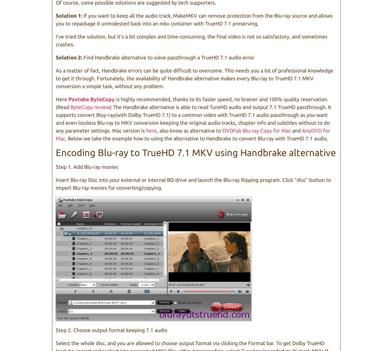  What do you see at coordinates (112, 330) in the screenshot?
I see `'Step 2. Choose output format keeping 7.1 audio'` at bounding box center [112, 330].